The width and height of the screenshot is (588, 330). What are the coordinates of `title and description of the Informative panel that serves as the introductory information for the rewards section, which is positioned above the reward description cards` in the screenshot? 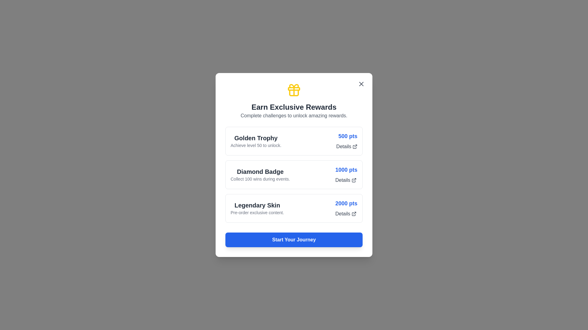 It's located at (294, 101).